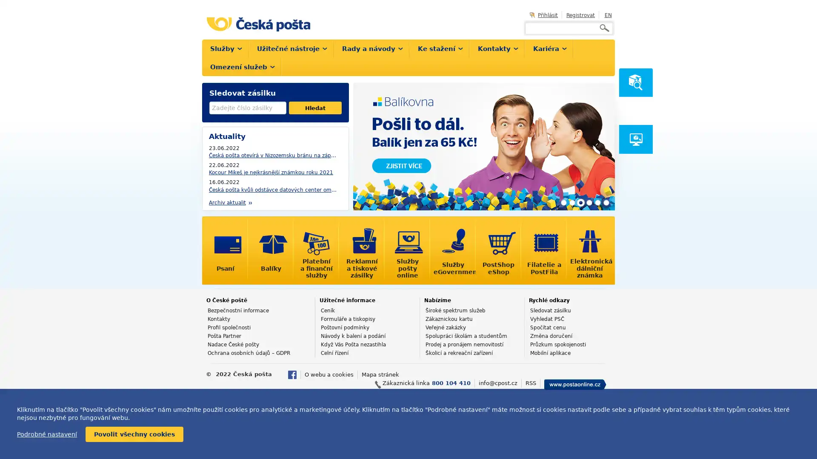 The width and height of the screenshot is (817, 459). Describe the element at coordinates (314, 108) in the screenshot. I see `Hledat` at that location.